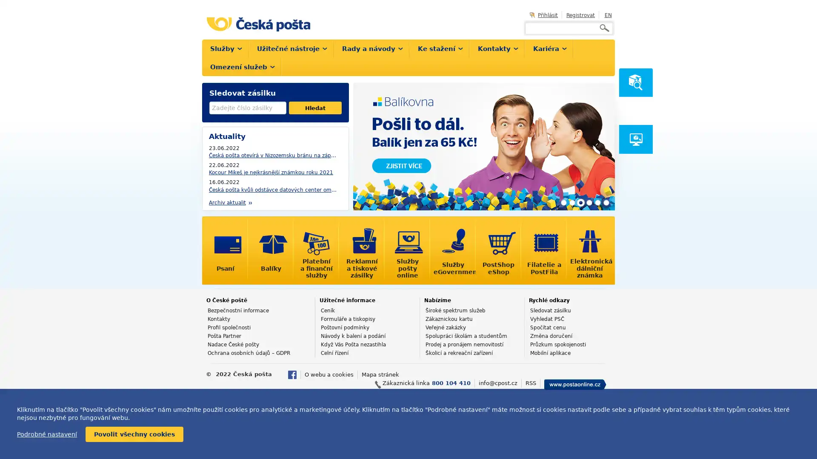 The width and height of the screenshot is (817, 459). Describe the element at coordinates (314, 108) in the screenshot. I see `Hledat` at that location.